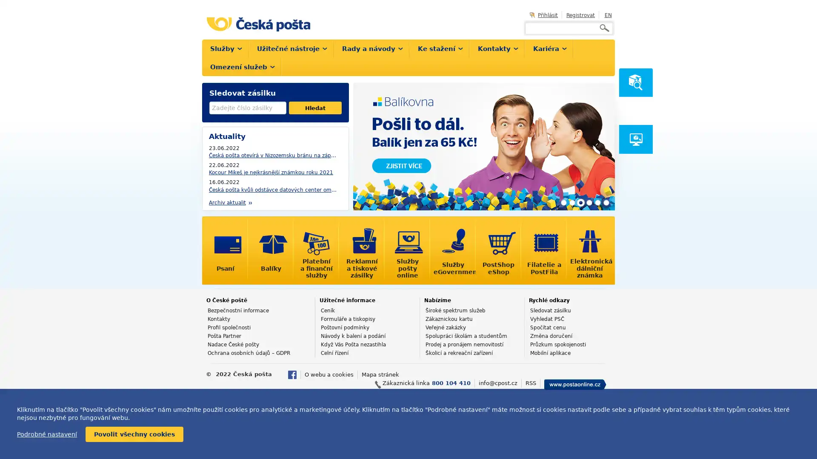 The width and height of the screenshot is (817, 459). Describe the element at coordinates (314, 108) in the screenshot. I see `Hledat` at that location.